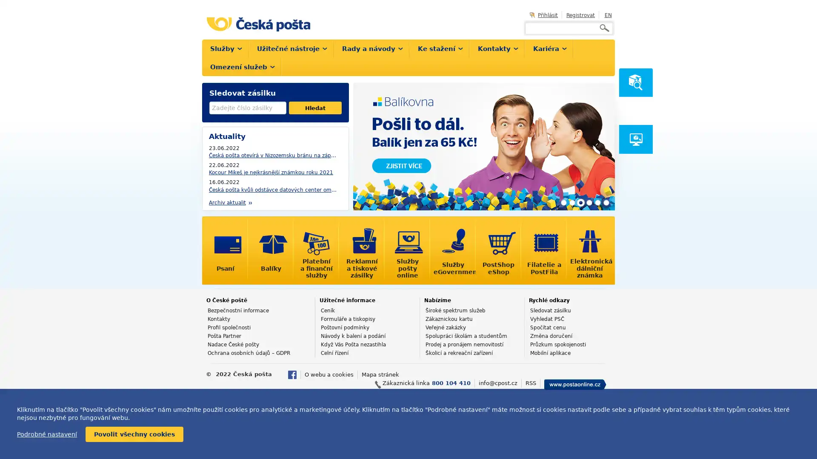 The width and height of the screenshot is (817, 459). Describe the element at coordinates (314, 108) in the screenshot. I see `Hledat` at that location.